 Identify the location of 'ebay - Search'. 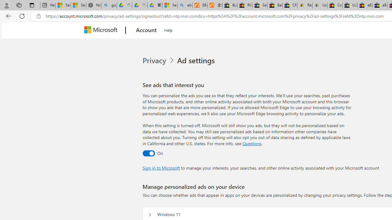
(185, 5).